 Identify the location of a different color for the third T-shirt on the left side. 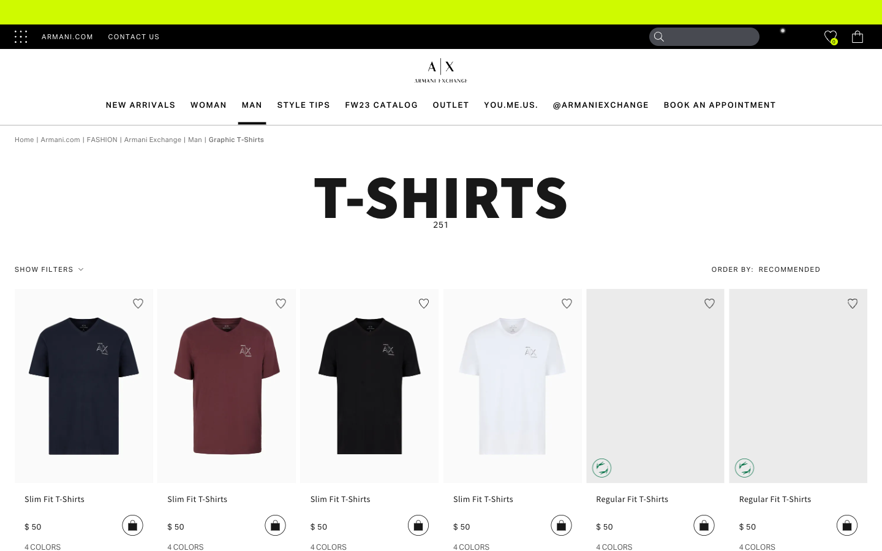
(328, 546).